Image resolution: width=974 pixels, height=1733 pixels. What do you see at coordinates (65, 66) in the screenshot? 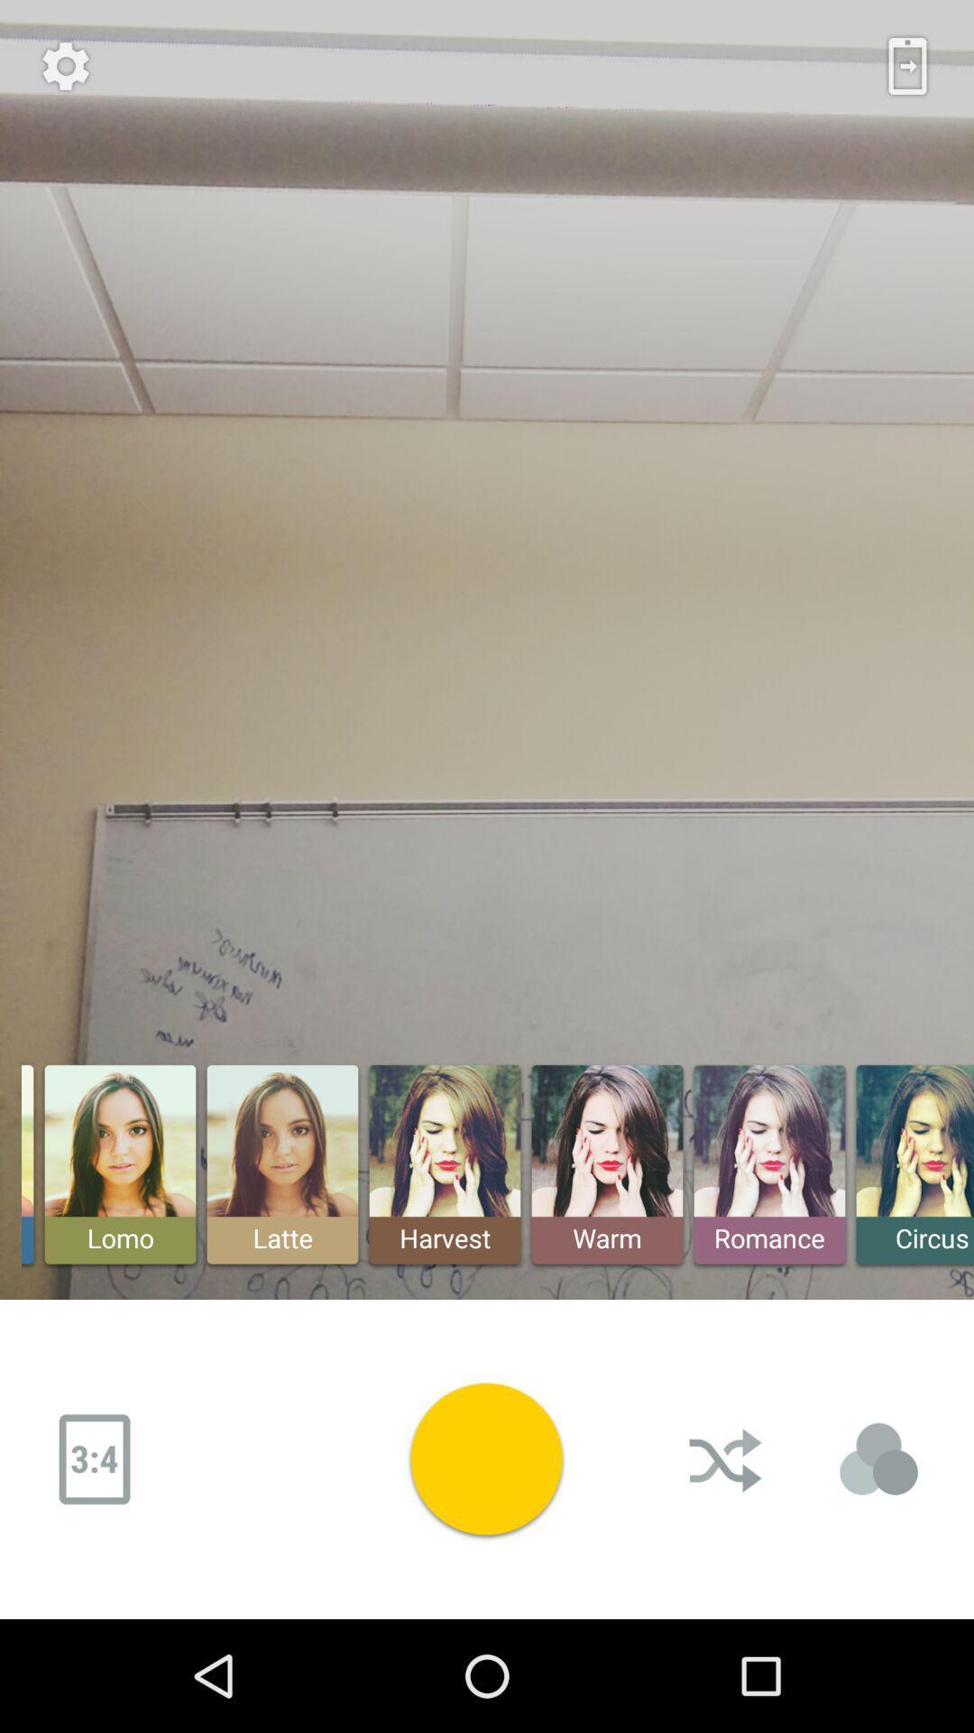
I see `the settings icon` at bounding box center [65, 66].